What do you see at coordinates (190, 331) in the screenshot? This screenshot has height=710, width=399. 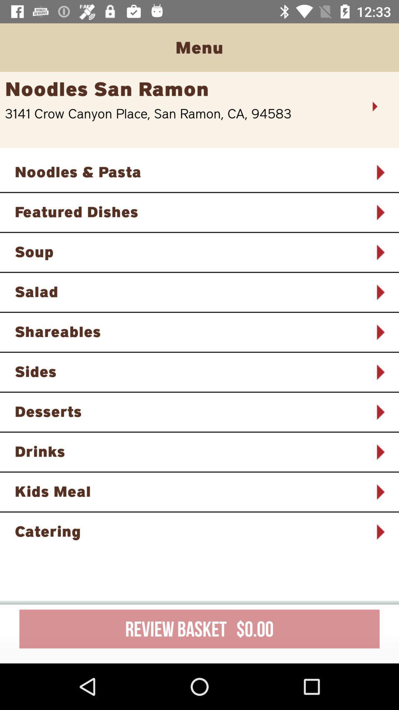 I see `the shareables  item` at bounding box center [190, 331].